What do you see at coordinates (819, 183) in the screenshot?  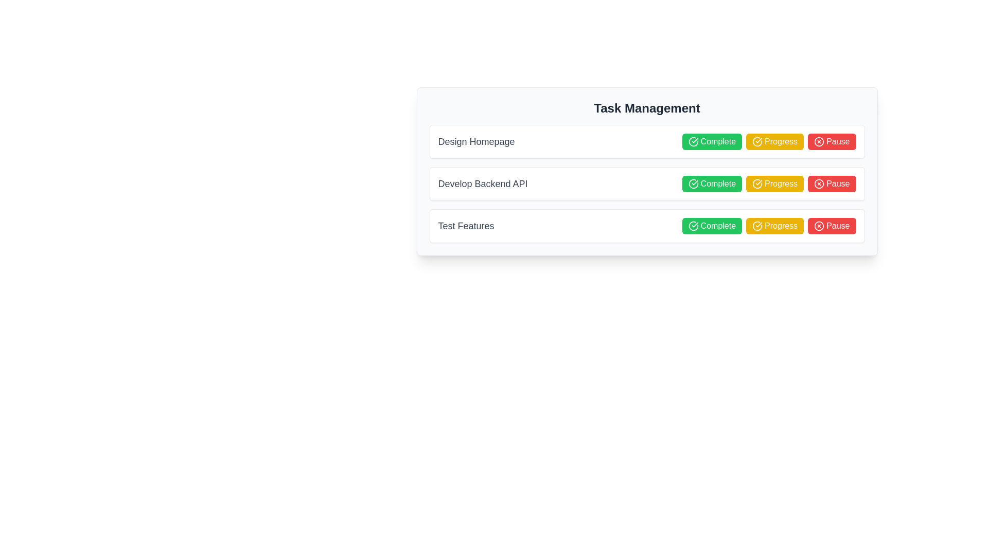 I see `the red circular icon with a white 'X' symbol inside, located within the 'Pause' button in the bottom task row of the 'Test Features' section` at bounding box center [819, 183].